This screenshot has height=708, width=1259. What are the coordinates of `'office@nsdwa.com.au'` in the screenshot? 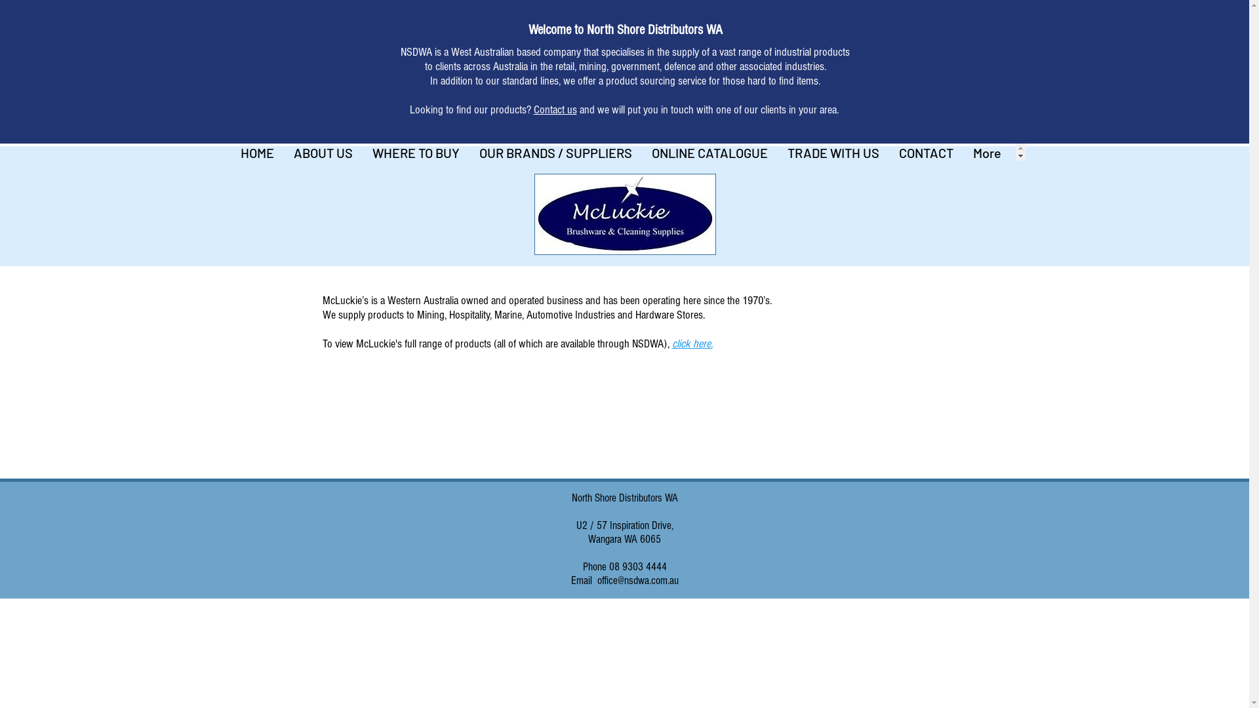 It's located at (596, 580).